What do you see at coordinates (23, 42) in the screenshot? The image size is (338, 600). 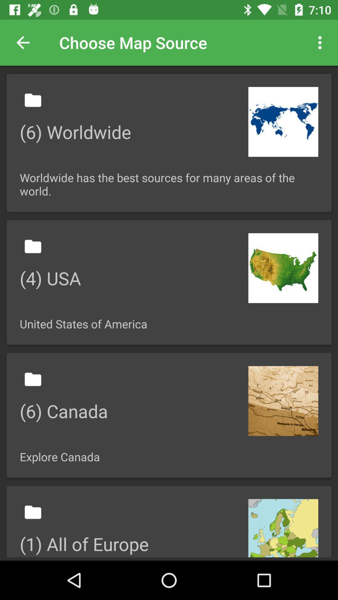 I see `icon next to the choose map source icon` at bounding box center [23, 42].